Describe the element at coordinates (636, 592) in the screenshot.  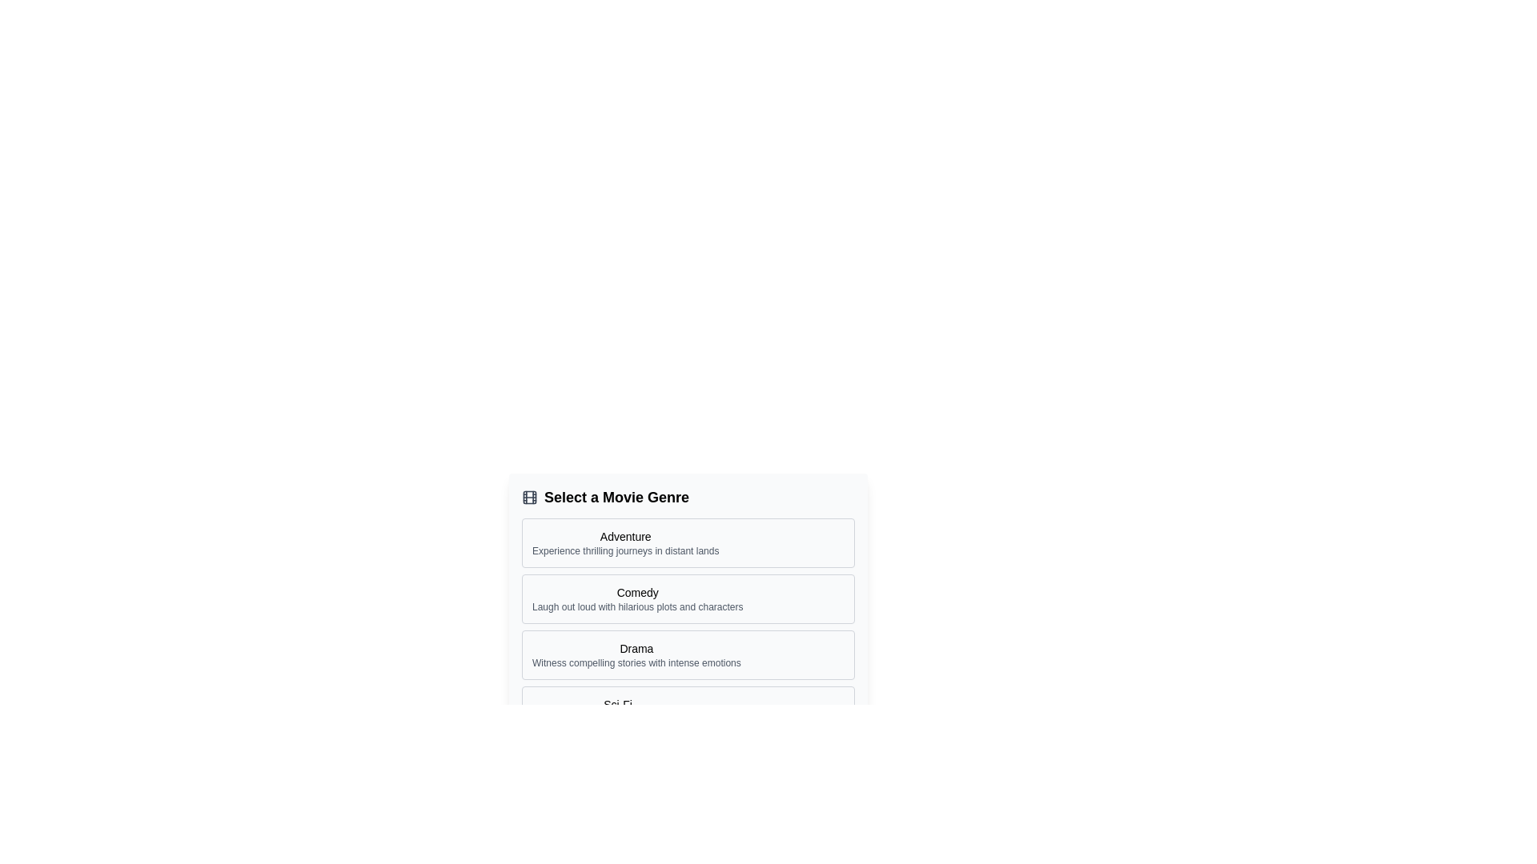
I see `the Text Label that serves as the heading for the 'Comedy' movie genre, located centrally in the genre list` at that location.